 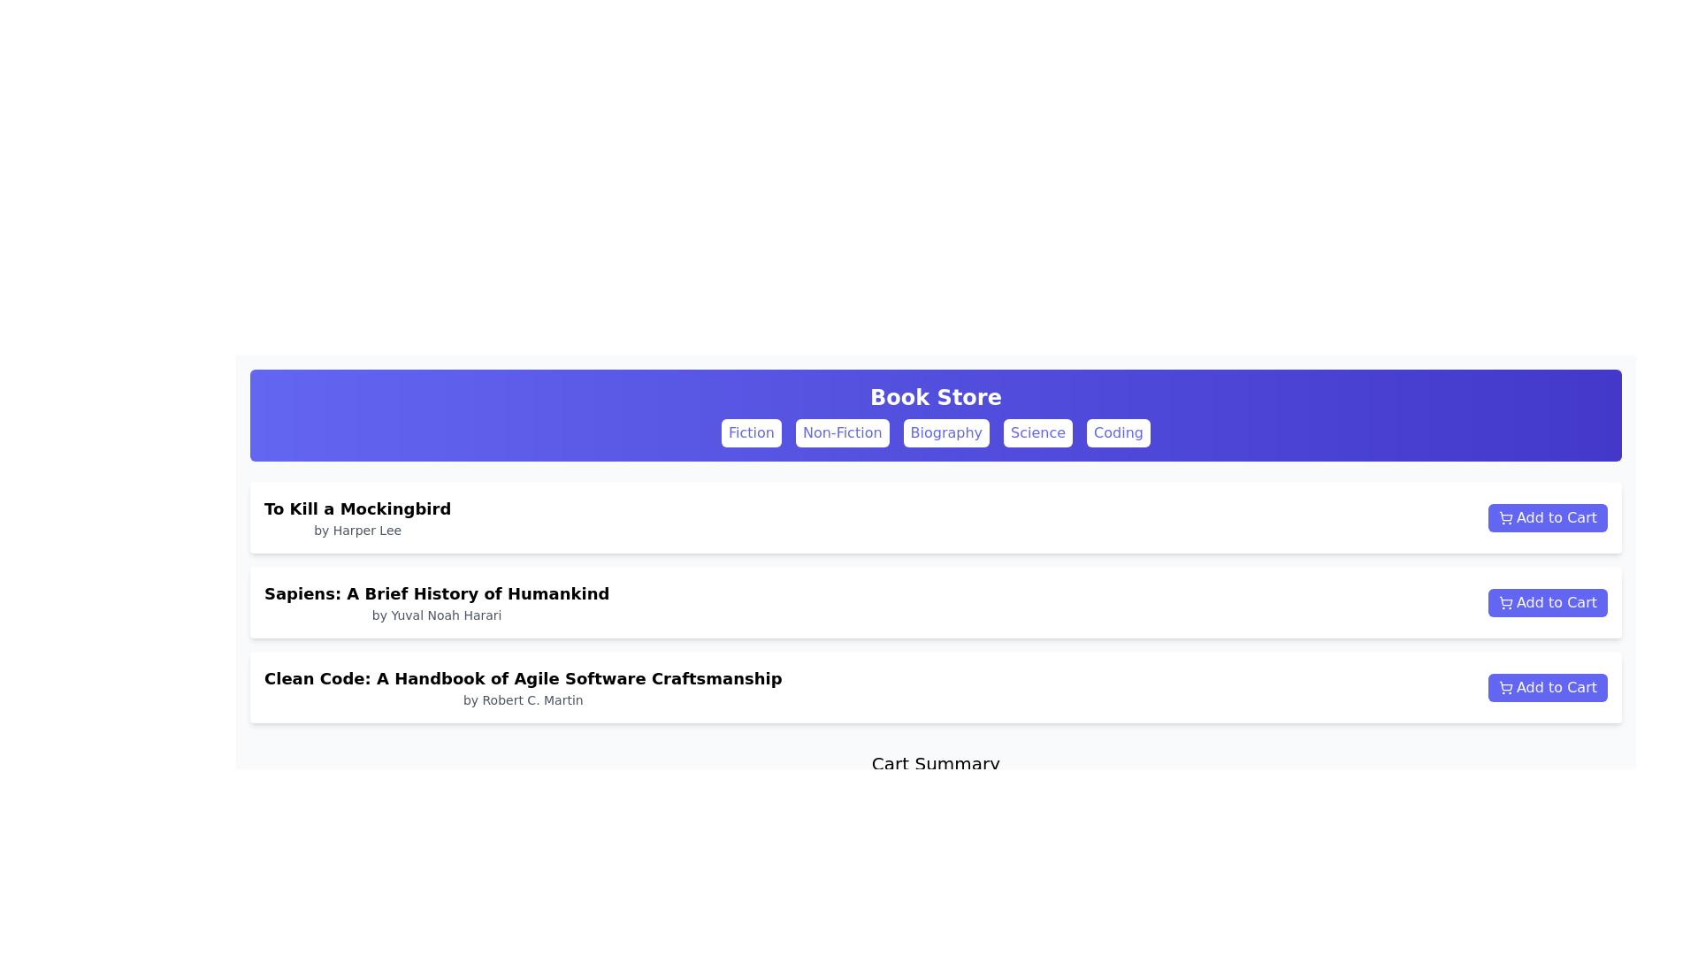 What do you see at coordinates (1118, 432) in the screenshot?
I see `the fifth button in the horizontal list under the title 'Book Store'` at bounding box center [1118, 432].